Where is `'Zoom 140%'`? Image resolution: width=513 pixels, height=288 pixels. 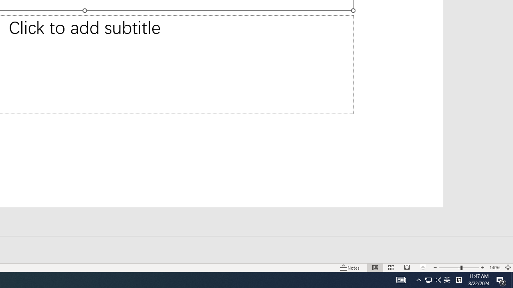
'Zoom 140%' is located at coordinates (494, 268).